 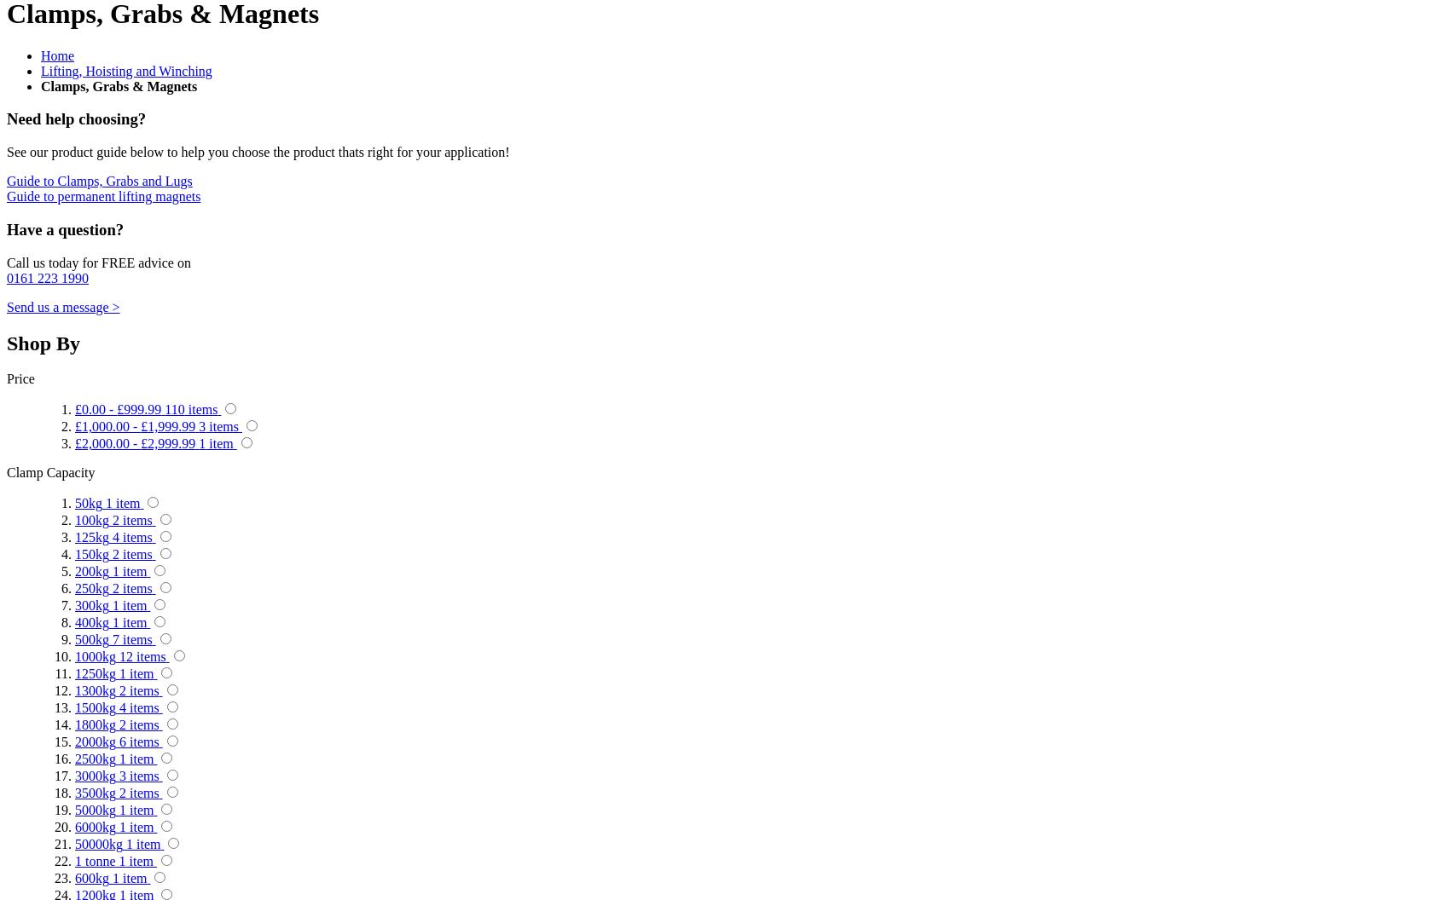 What do you see at coordinates (95, 810) in the screenshot?
I see `'5000kg'` at bounding box center [95, 810].